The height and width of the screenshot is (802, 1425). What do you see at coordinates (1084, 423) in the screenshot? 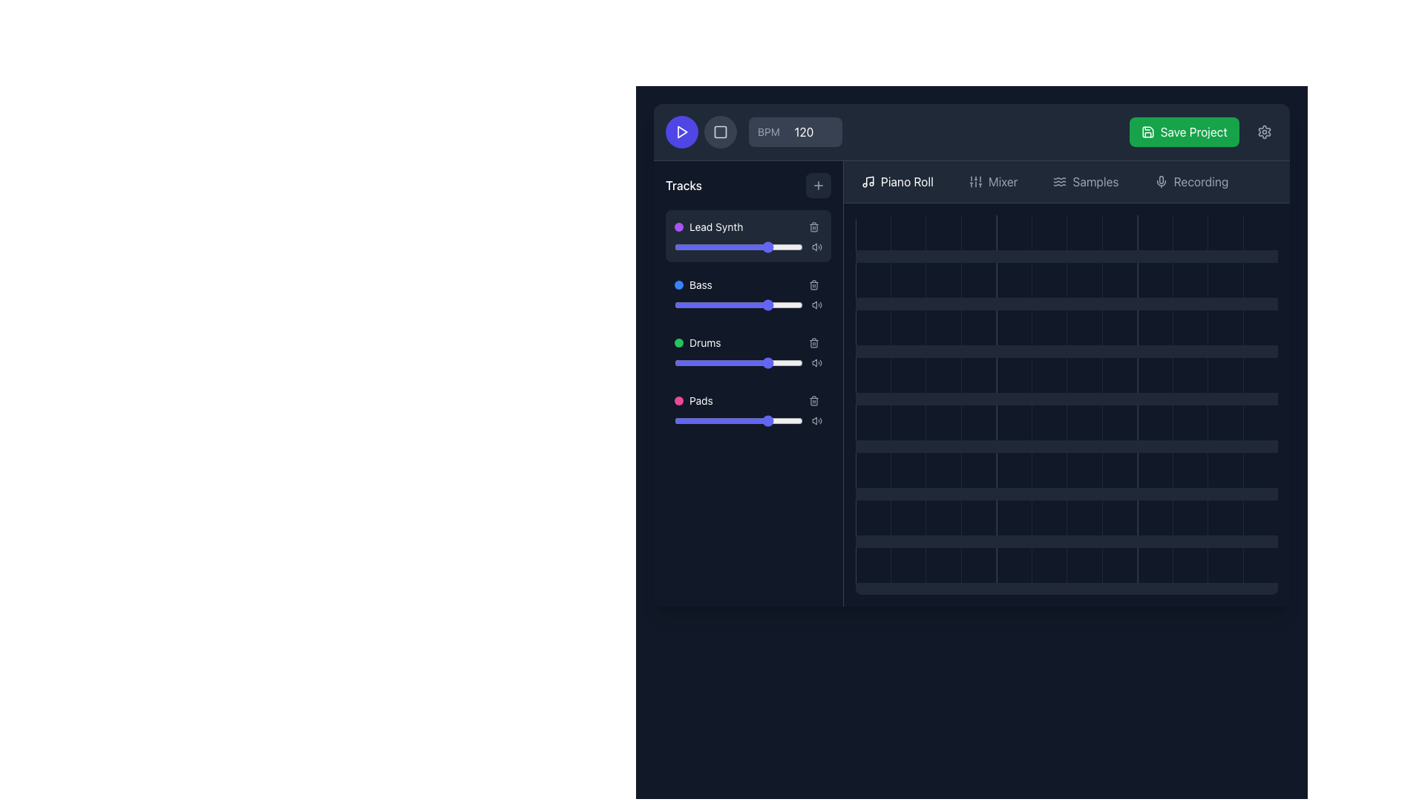
I see `the grid cell element located at the 8th column and 5th row of the grid in the piano roll interface` at bounding box center [1084, 423].